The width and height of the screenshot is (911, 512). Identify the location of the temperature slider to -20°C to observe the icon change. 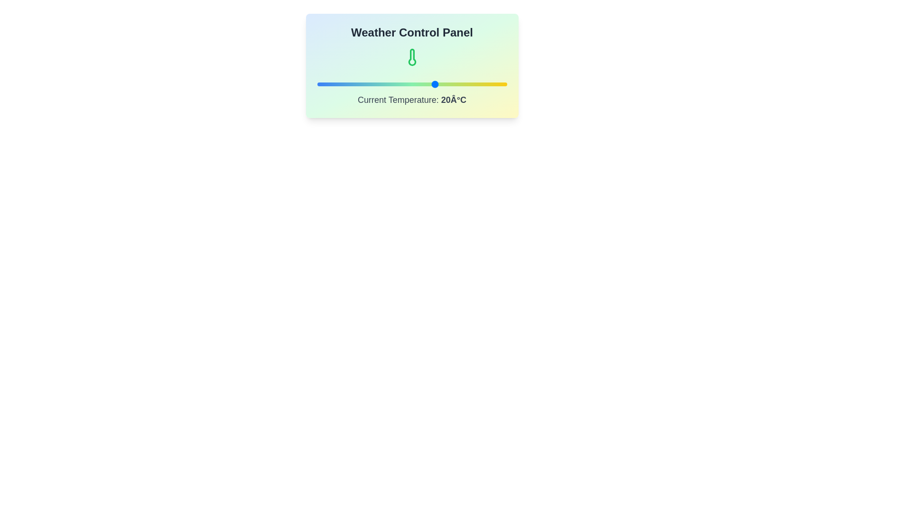
(341, 83).